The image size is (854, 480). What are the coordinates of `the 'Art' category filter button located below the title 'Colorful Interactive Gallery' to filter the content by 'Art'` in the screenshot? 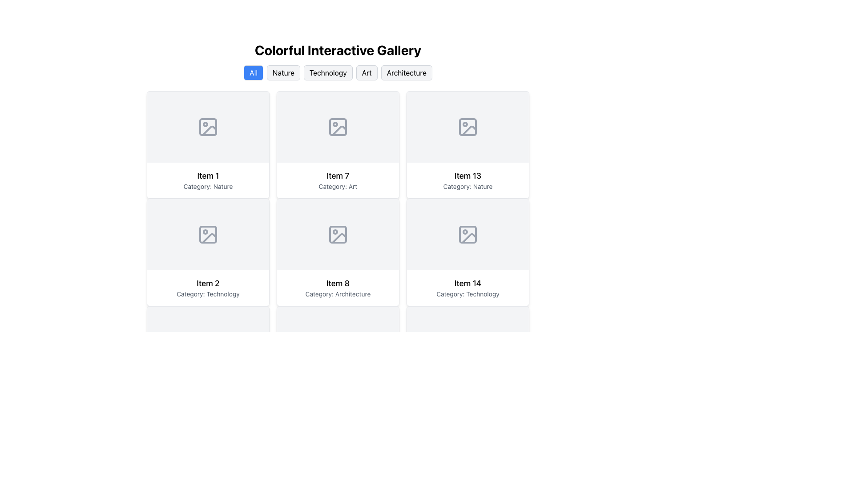 It's located at (367, 72).